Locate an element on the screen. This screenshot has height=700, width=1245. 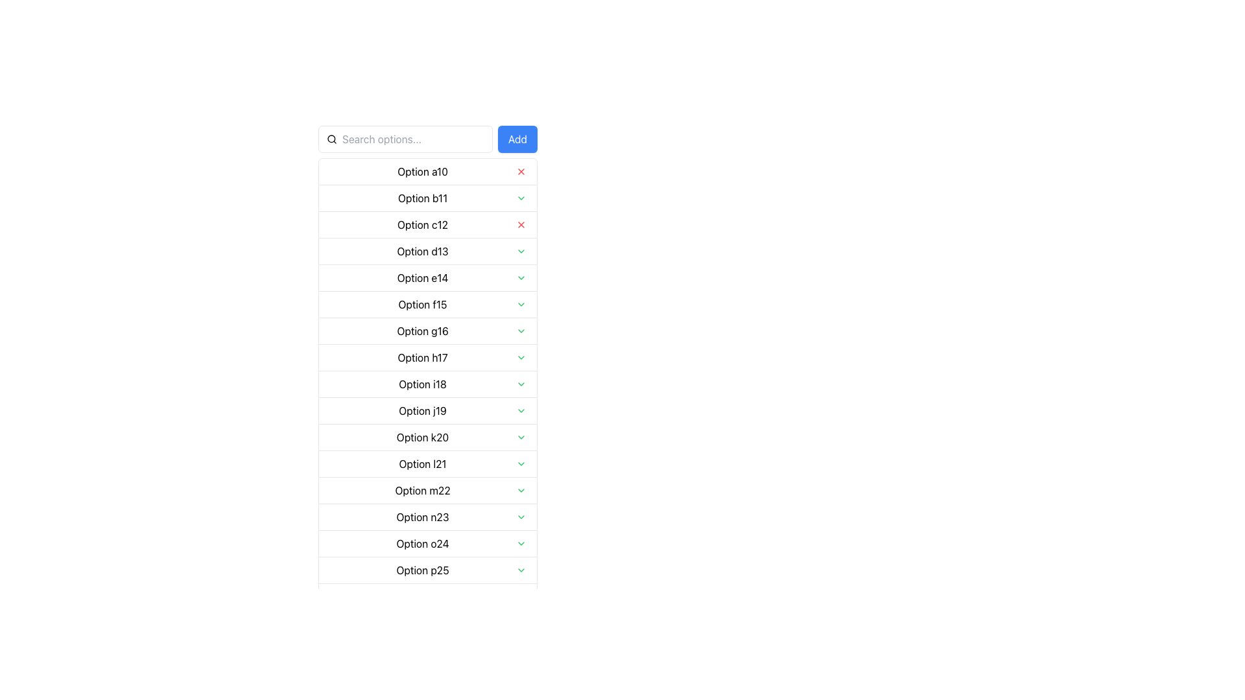
the icon located at the right end of the list item labeled 'Option l21' is located at coordinates (521, 463).